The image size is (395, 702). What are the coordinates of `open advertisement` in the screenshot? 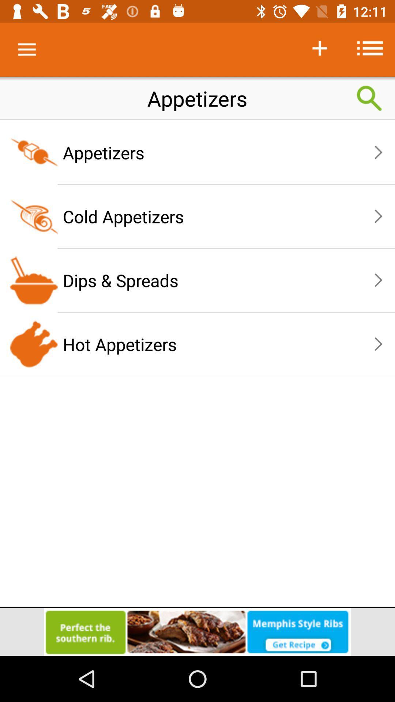 It's located at (197, 631).